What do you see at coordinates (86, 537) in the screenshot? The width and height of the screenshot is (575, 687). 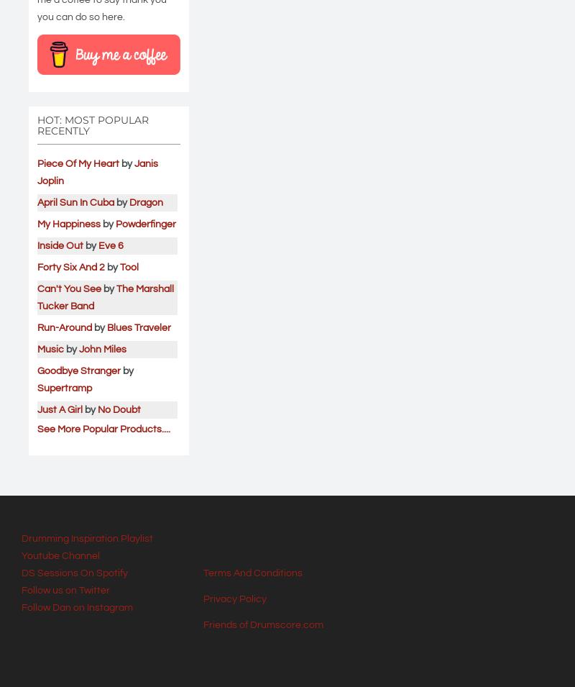 I see `'Drumming Inspiration Playlist'` at bounding box center [86, 537].